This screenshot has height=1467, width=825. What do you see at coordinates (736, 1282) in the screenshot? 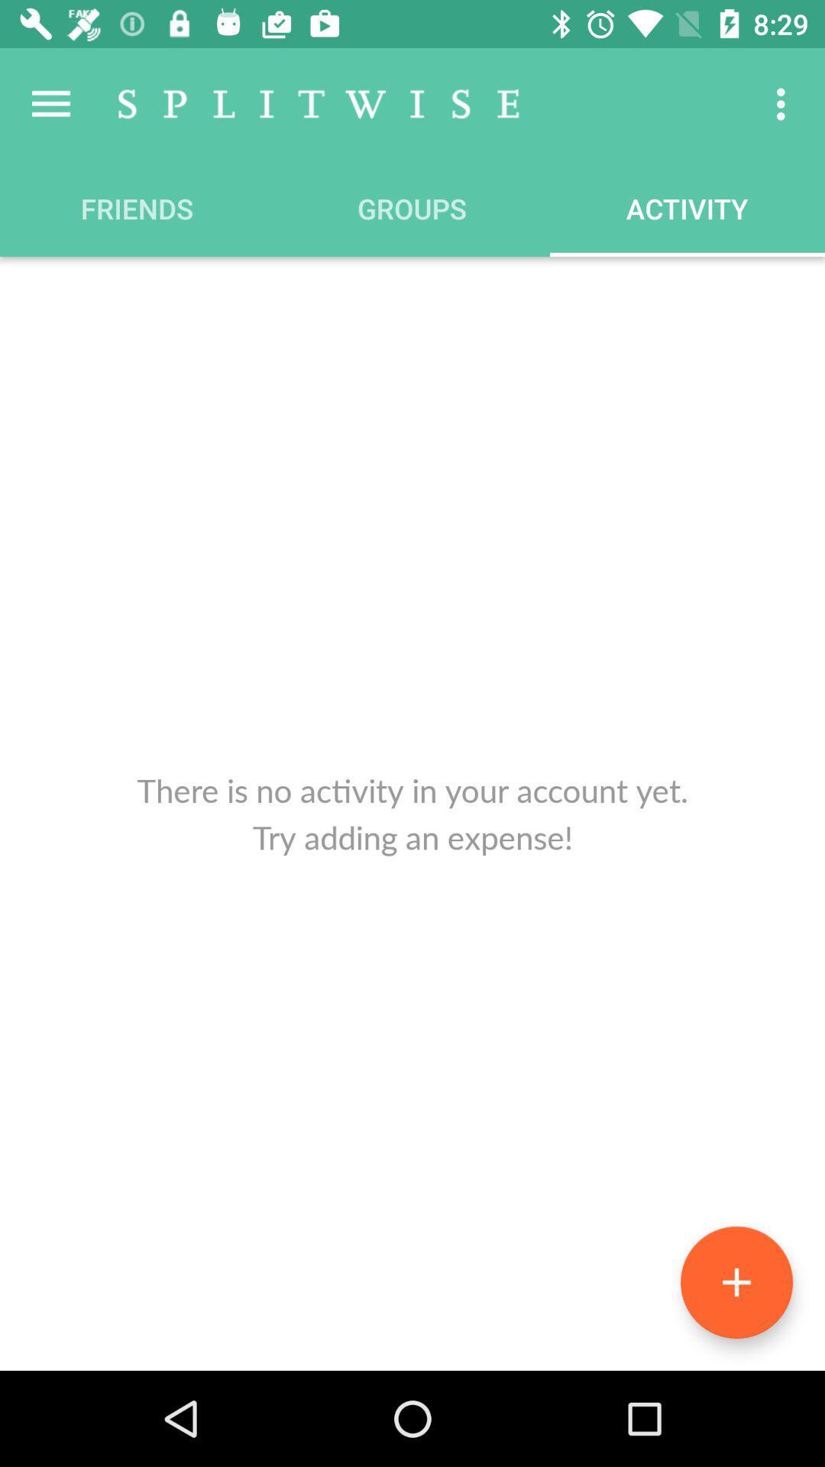
I see `the add icon` at bounding box center [736, 1282].